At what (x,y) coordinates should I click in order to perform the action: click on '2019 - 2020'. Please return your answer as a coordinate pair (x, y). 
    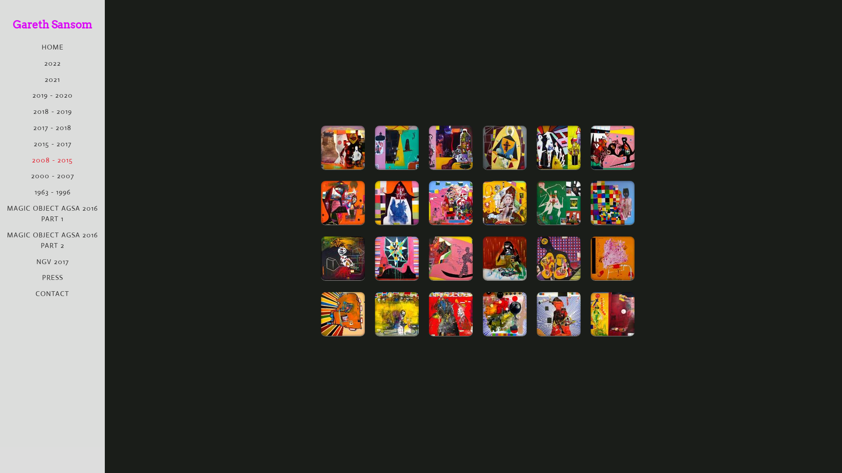
    Looking at the image, I should click on (52, 95).